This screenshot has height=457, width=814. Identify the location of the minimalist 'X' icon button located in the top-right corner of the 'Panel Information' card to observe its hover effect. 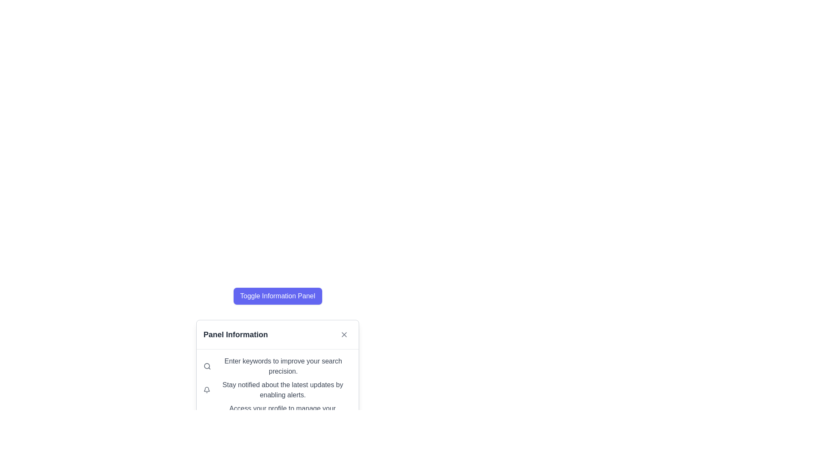
(344, 334).